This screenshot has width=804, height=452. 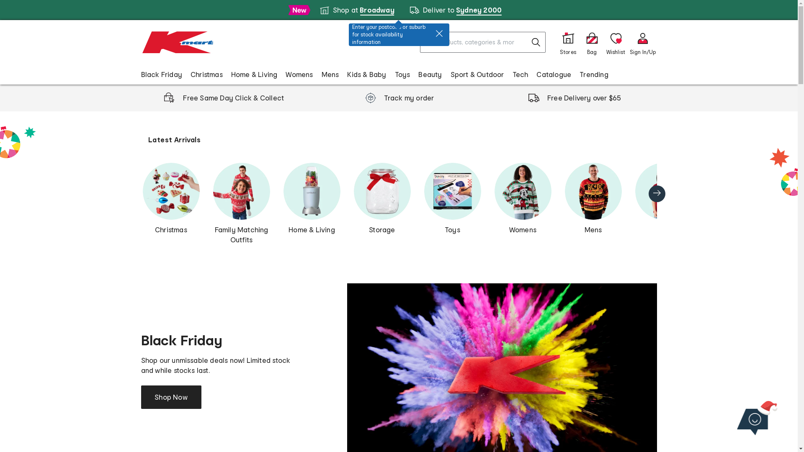 I want to click on 'Stores', so click(x=568, y=42).